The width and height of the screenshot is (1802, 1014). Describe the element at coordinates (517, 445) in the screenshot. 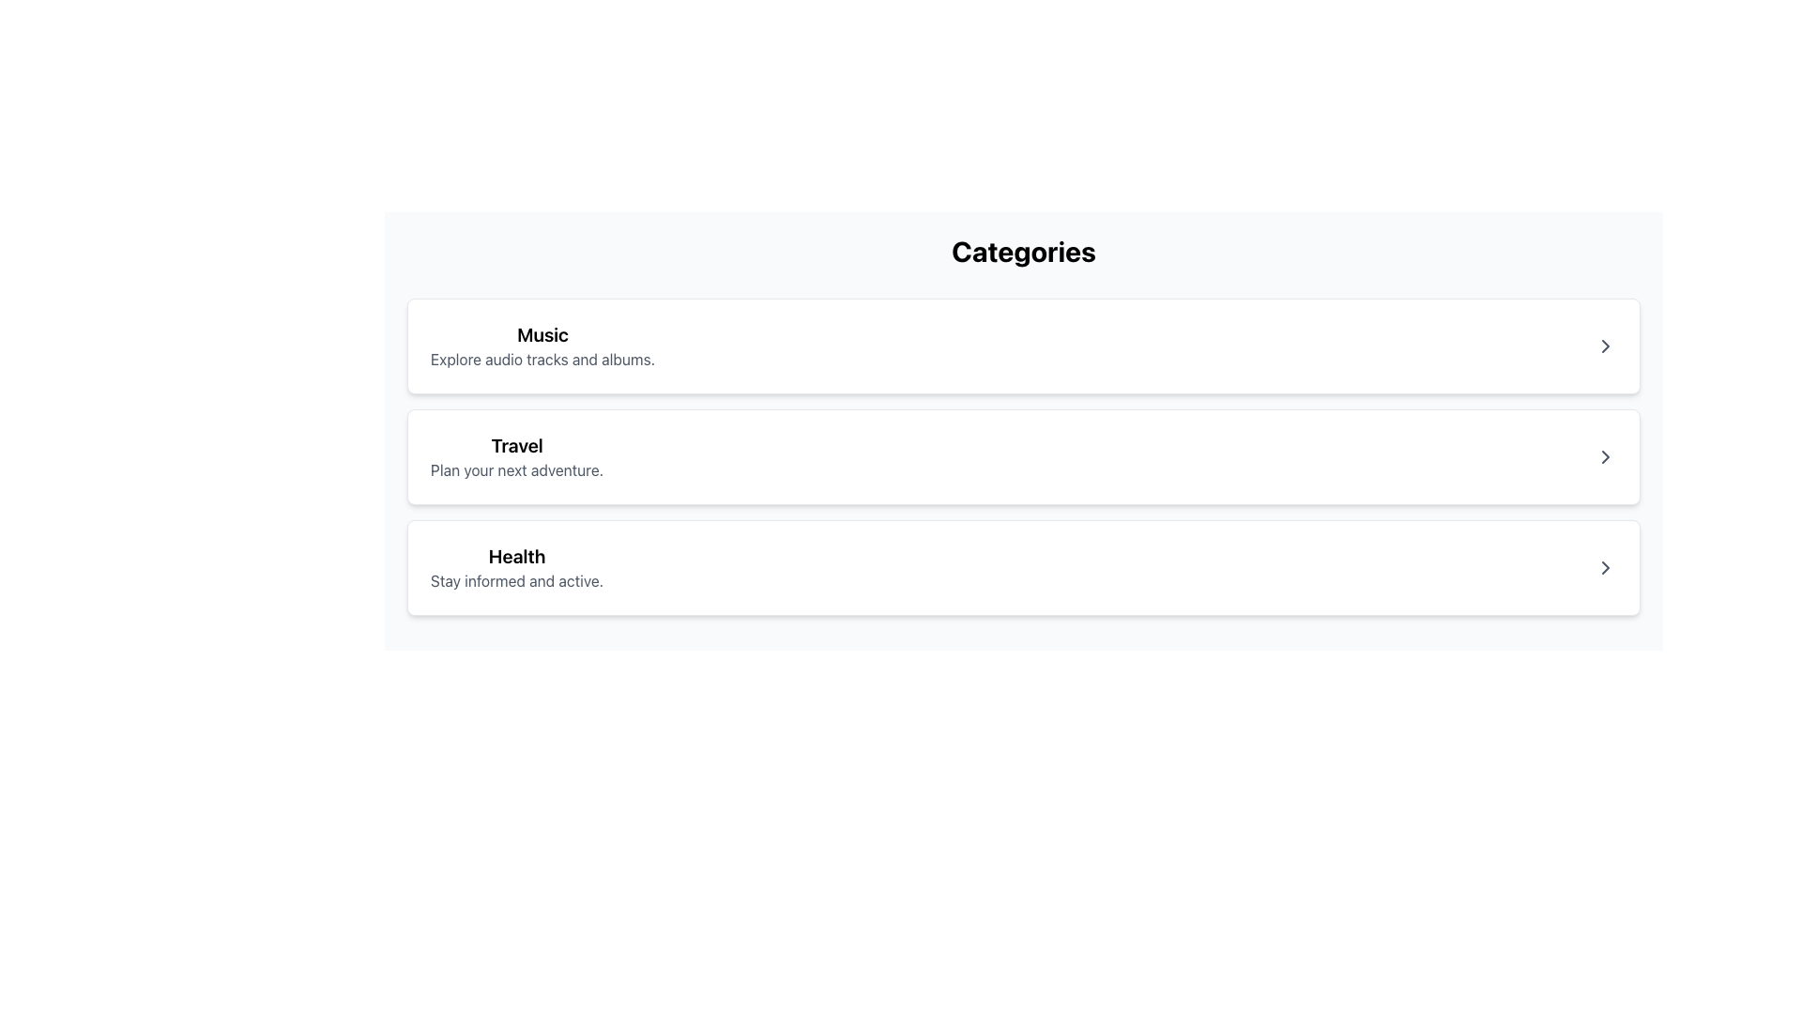

I see `the bold text label reading 'Travel' located in the second card under the 'Categories' header, positioned above the description text 'Plan your next adventure.'` at that location.